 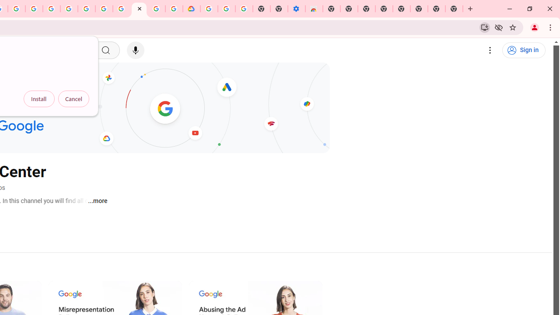 What do you see at coordinates (16, 9) in the screenshot?
I see `'Create your Google Account'` at bounding box center [16, 9].